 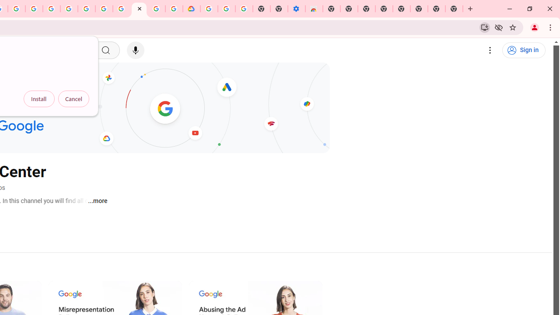 What do you see at coordinates (16, 9) in the screenshot?
I see `'Create your Google Account'` at bounding box center [16, 9].